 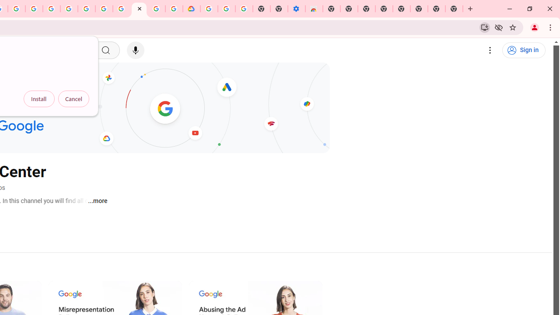 What do you see at coordinates (16, 9) in the screenshot?
I see `'Create your Google Account'` at bounding box center [16, 9].